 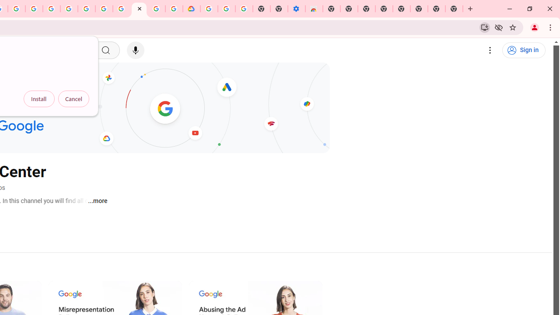 What do you see at coordinates (16, 9) in the screenshot?
I see `'Create your Google Account'` at bounding box center [16, 9].